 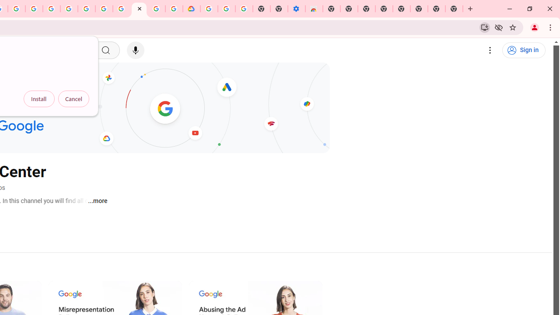 What do you see at coordinates (16, 9) in the screenshot?
I see `'Create your Google Account'` at bounding box center [16, 9].